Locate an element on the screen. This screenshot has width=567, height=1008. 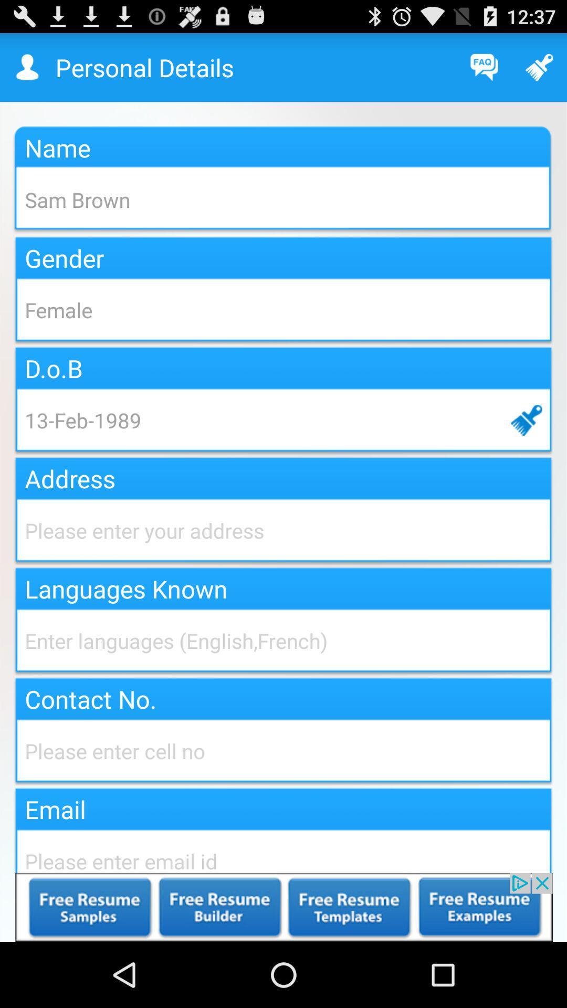
your email address is located at coordinates (283, 849).